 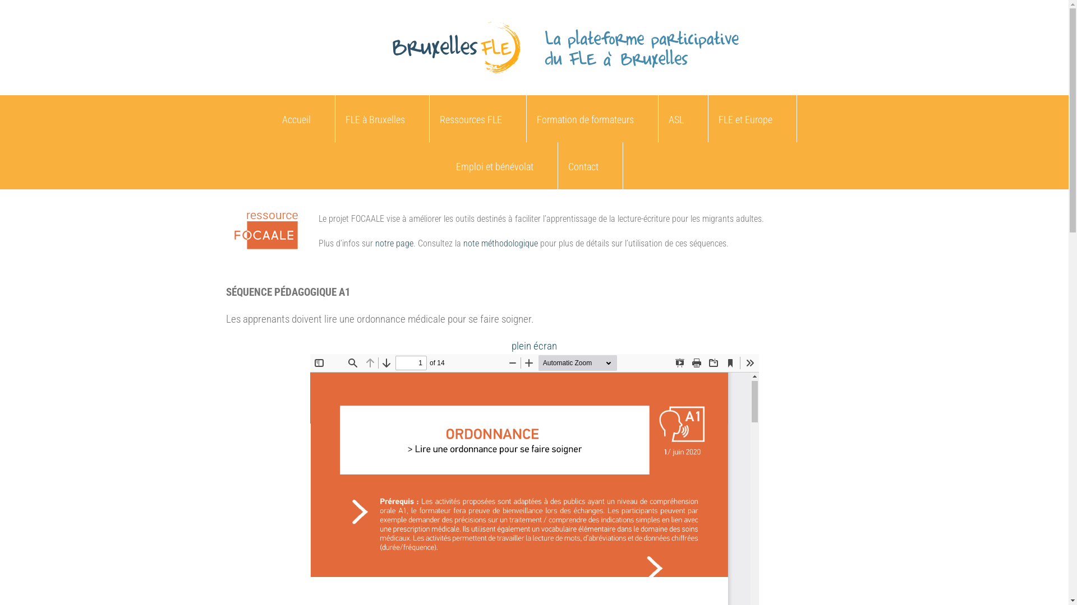 What do you see at coordinates (557, 166) in the screenshot?
I see `'Contact'` at bounding box center [557, 166].